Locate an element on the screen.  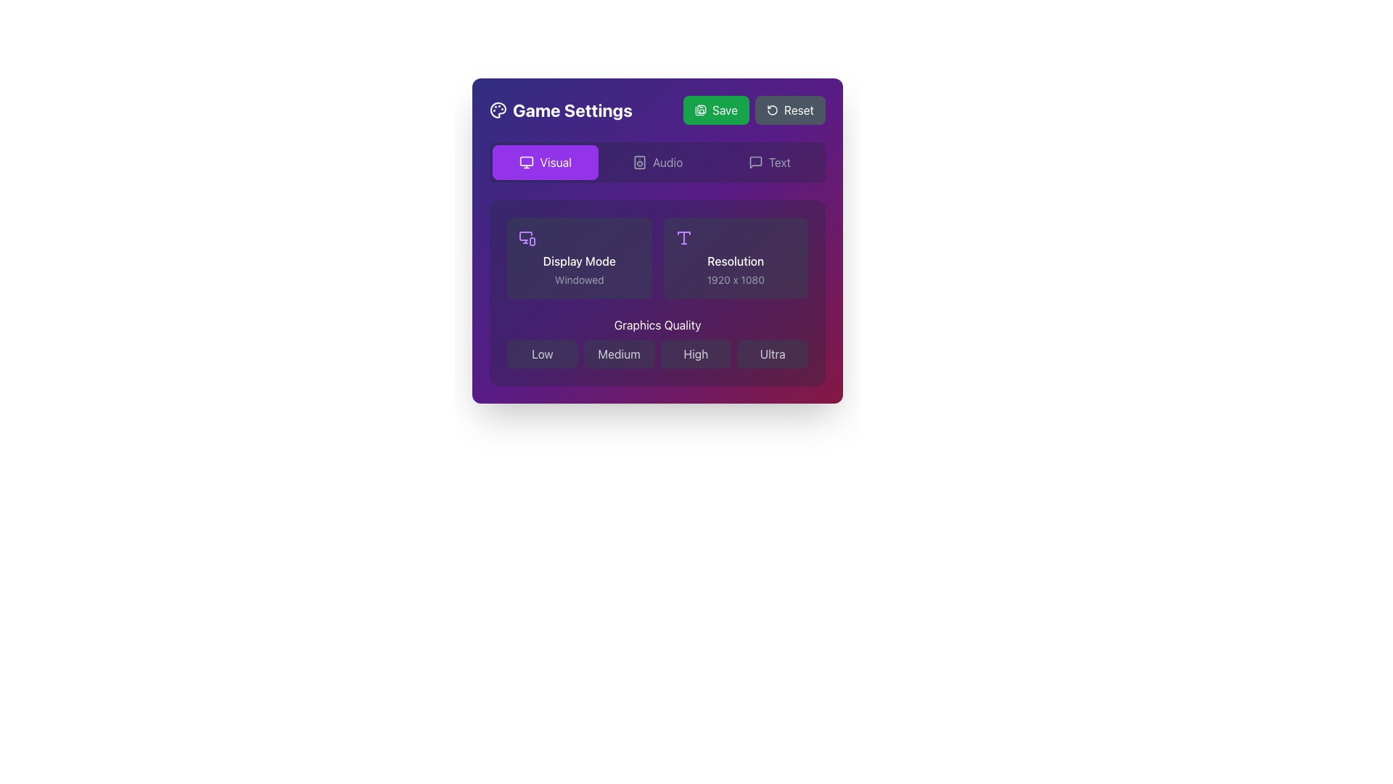
the 'Medium' graphics quality button, which is the second button in a row of four labeled 'Low', 'Medium', 'High', and 'Ultra' is located at coordinates (619, 354).